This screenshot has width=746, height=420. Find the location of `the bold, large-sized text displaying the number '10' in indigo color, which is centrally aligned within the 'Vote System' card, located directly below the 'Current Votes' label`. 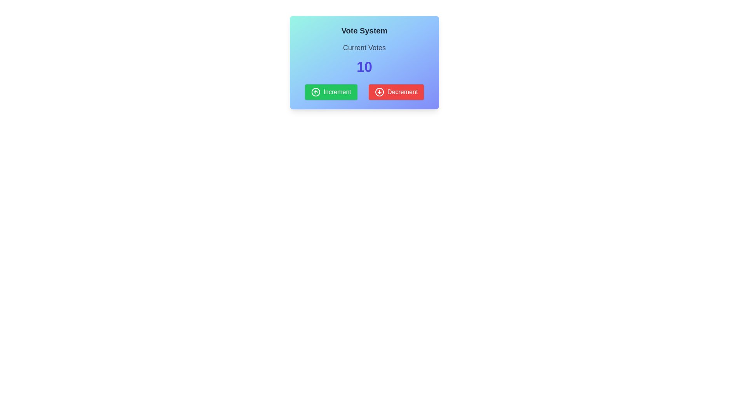

the bold, large-sized text displaying the number '10' in indigo color, which is centrally aligned within the 'Vote System' card, located directly below the 'Current Votes' label is located at coordinates (364, 67).